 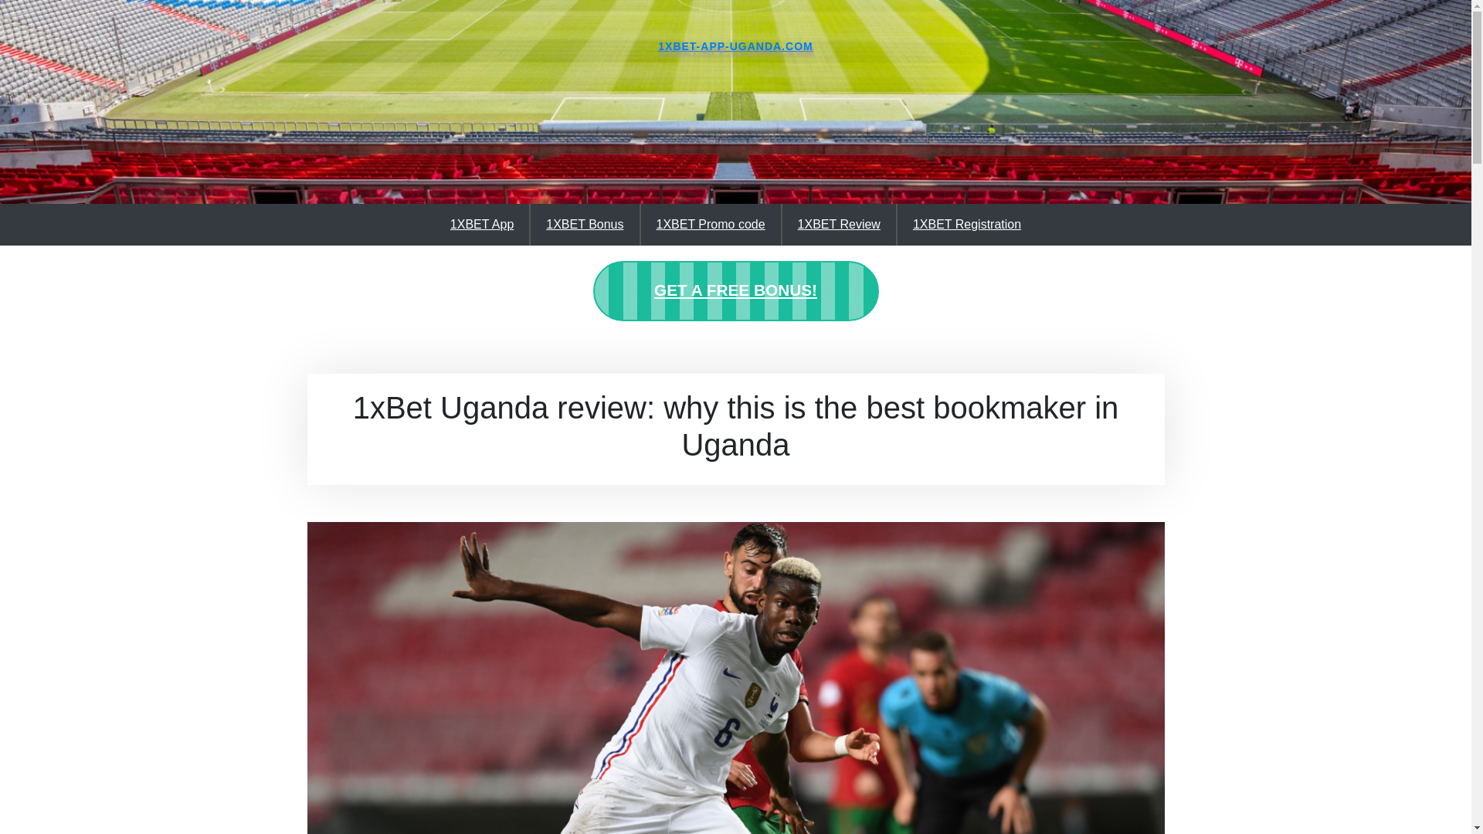 What do you see at coordinates (782, 224) in the screenshot?
I see `'1XBET Review'` at bounding box center [782, 224].